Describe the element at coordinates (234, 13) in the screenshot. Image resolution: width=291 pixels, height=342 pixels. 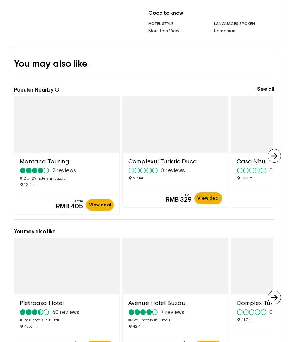
I see `'Languages Spoken'` at that location.